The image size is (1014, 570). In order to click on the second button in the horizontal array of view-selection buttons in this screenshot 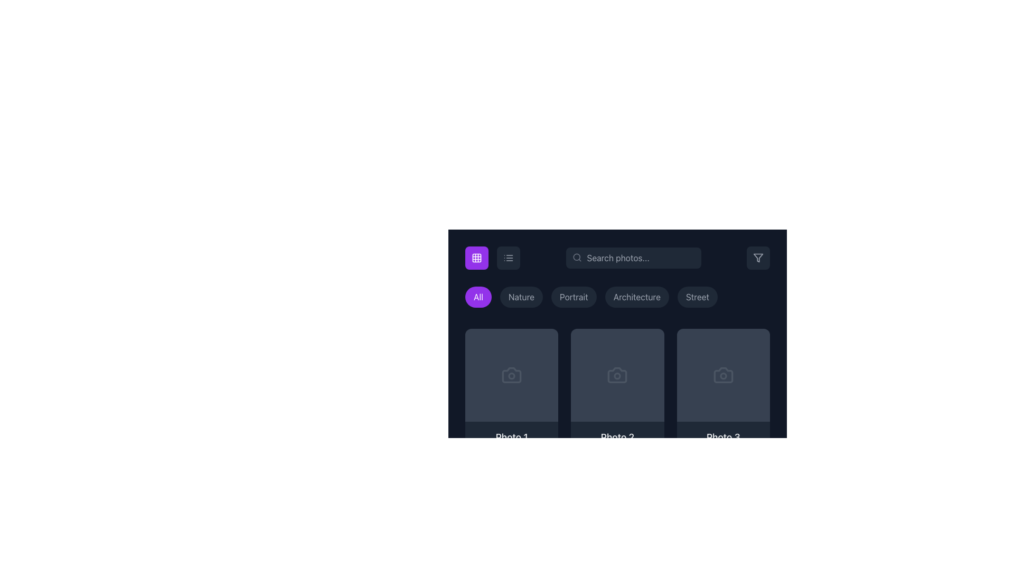, I will do `click(509, 258)`.